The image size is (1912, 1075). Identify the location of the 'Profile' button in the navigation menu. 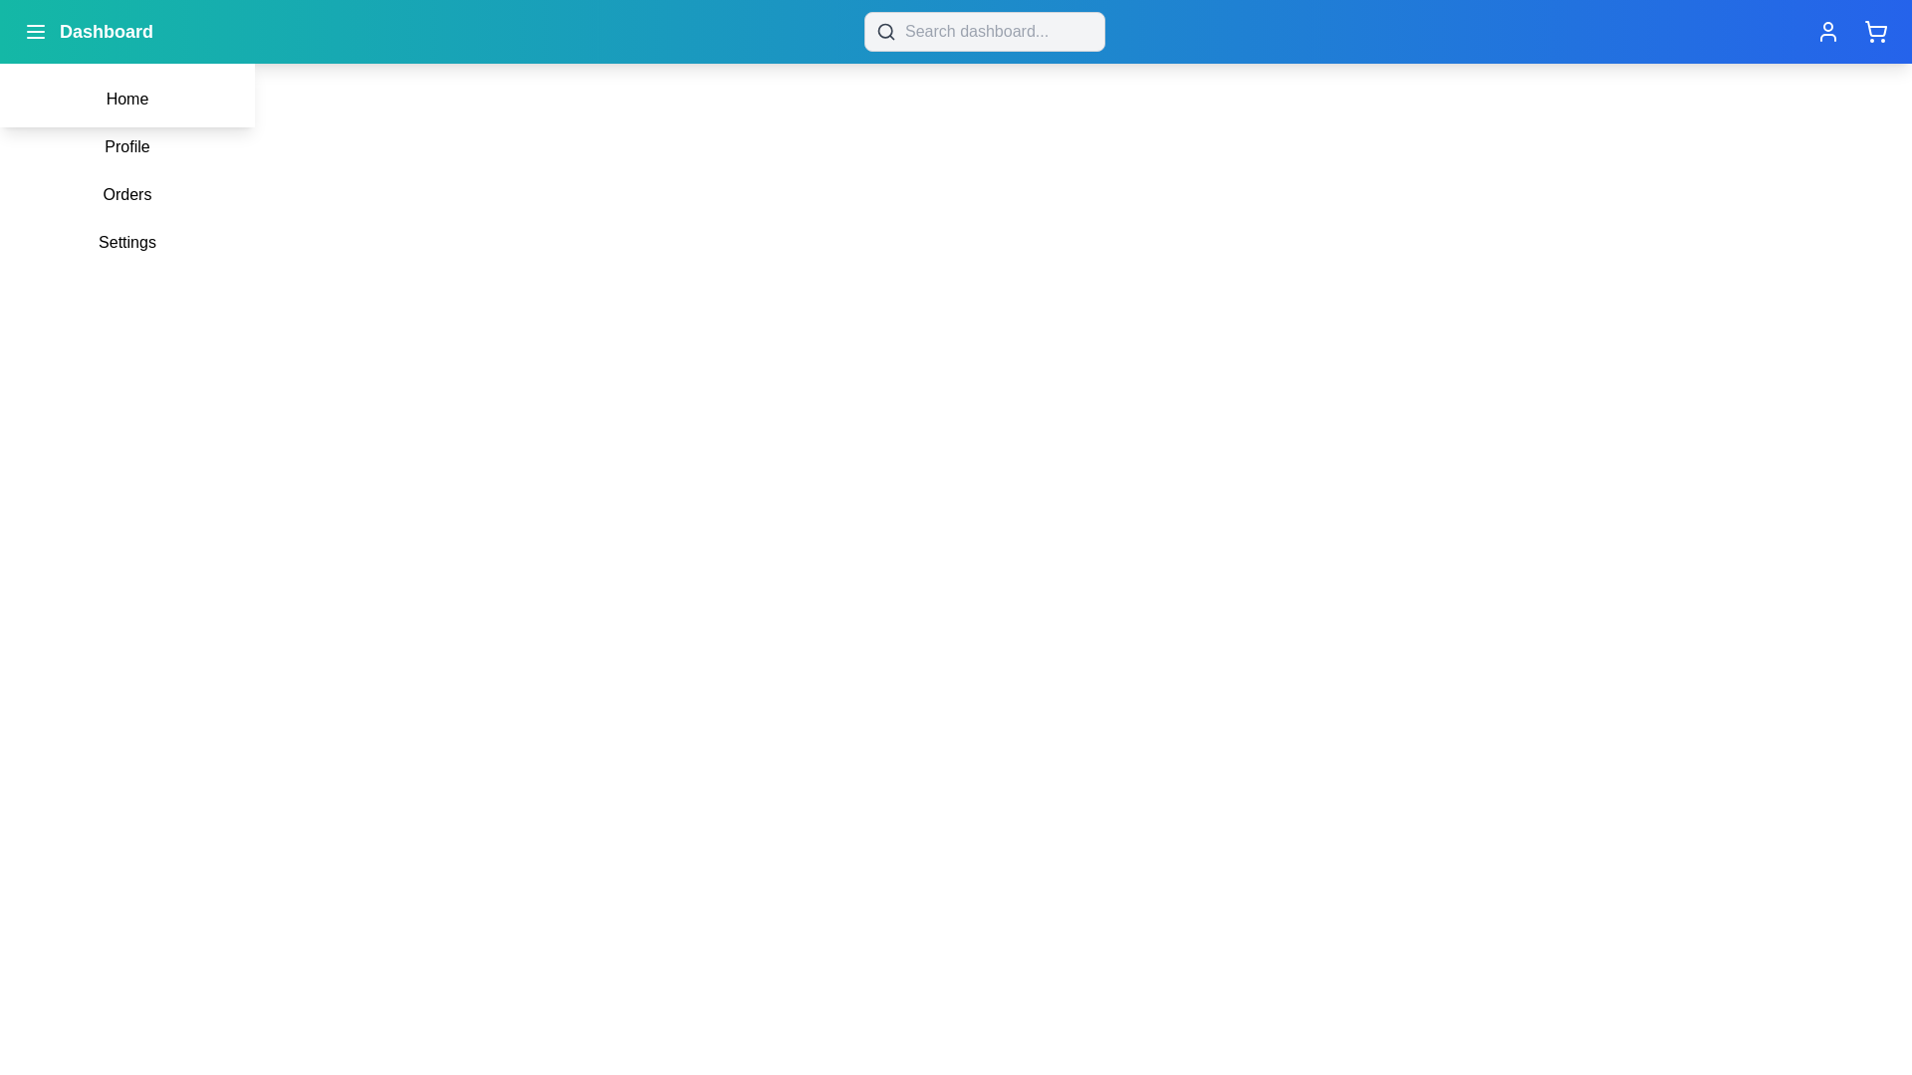
(126, 145).